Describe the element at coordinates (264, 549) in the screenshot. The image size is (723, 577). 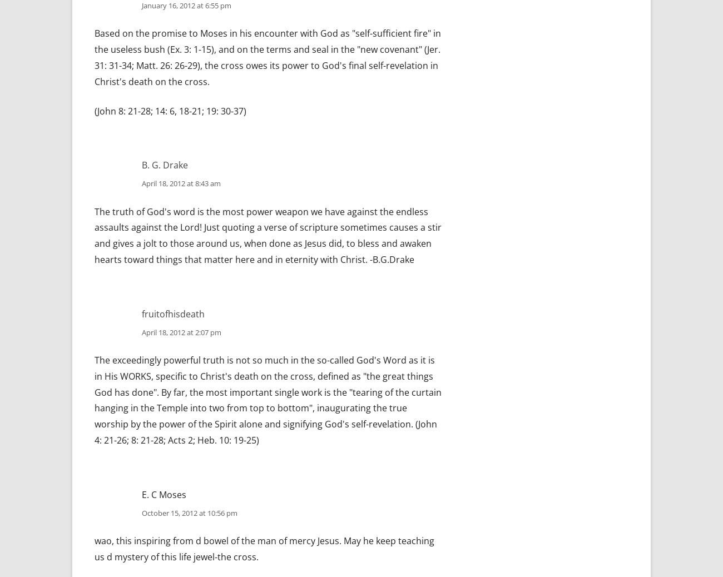
I see `'wao, this inspiring from d bowel of the man of mercy Jesus. May he keep teaching us d mystery of this life jewel-the cross.'` at that location.